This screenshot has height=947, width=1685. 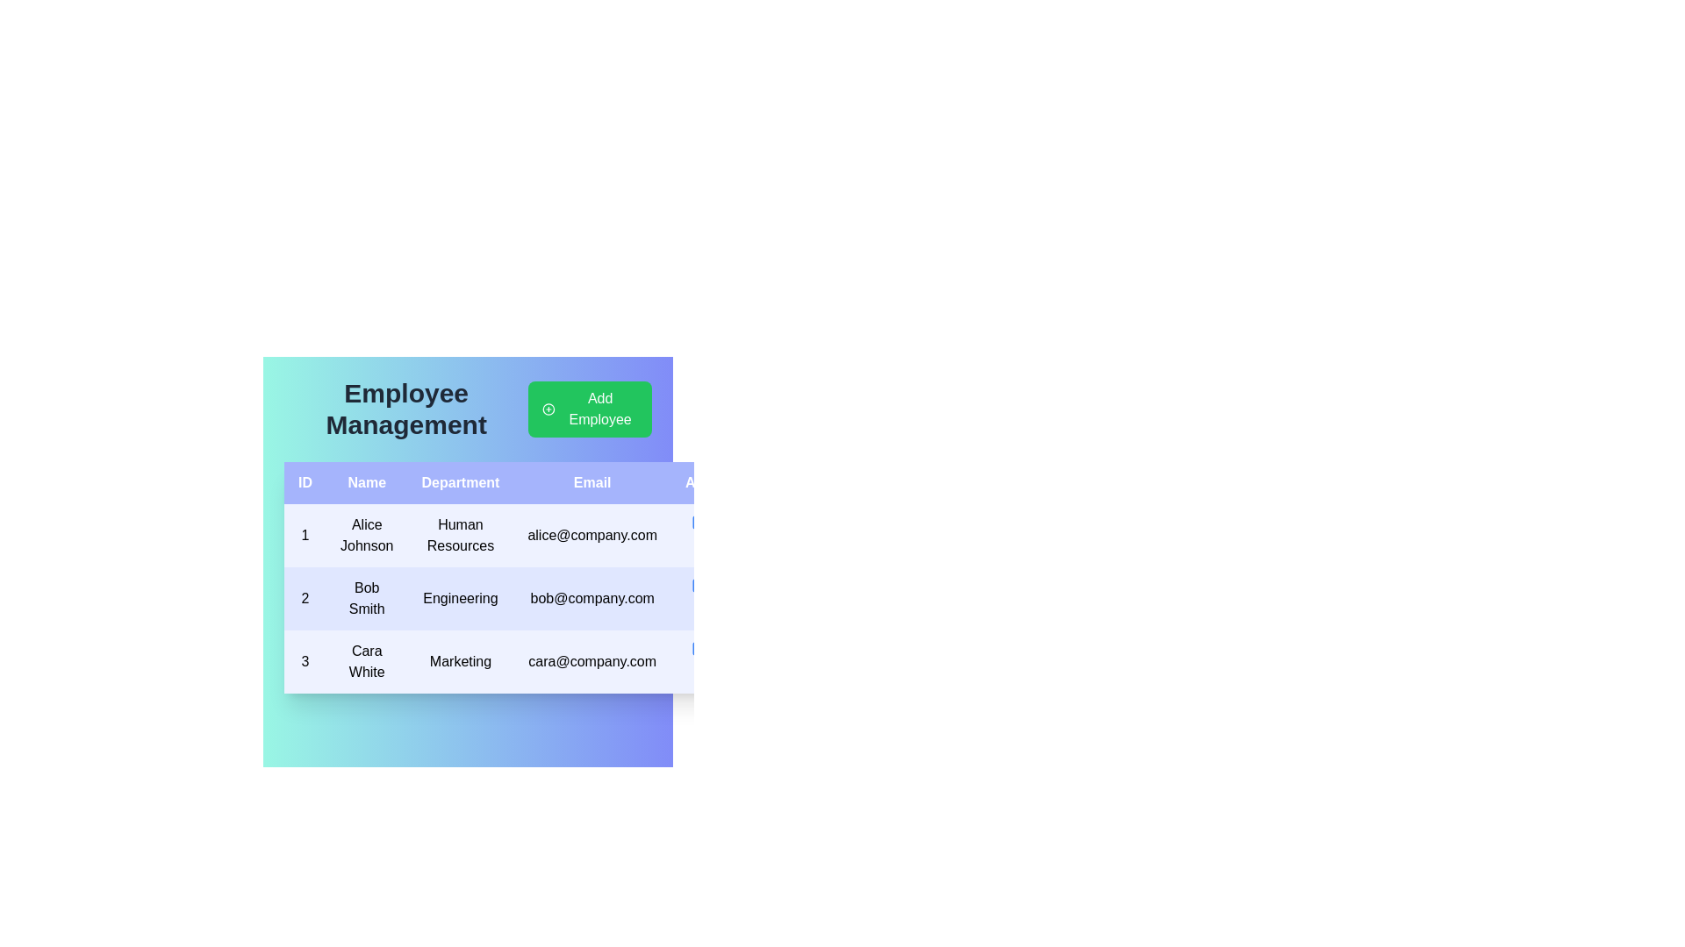 What do you see at coordinates (460, 483) in the screenshot?
I see `the 'Department' header in the table` at bounding box center [460, 483].